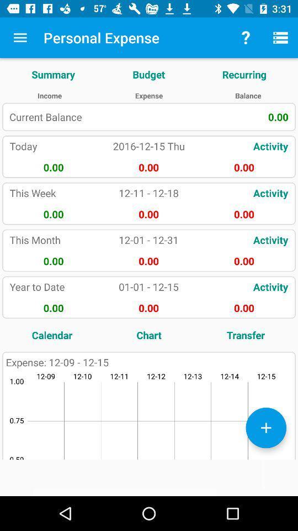 Image resolution: width=298 pixels, height=531 pixels. What do you see at coordinates (265, 427) in the screenshot?
I see `the add icon` at bounding box center [265, 427].